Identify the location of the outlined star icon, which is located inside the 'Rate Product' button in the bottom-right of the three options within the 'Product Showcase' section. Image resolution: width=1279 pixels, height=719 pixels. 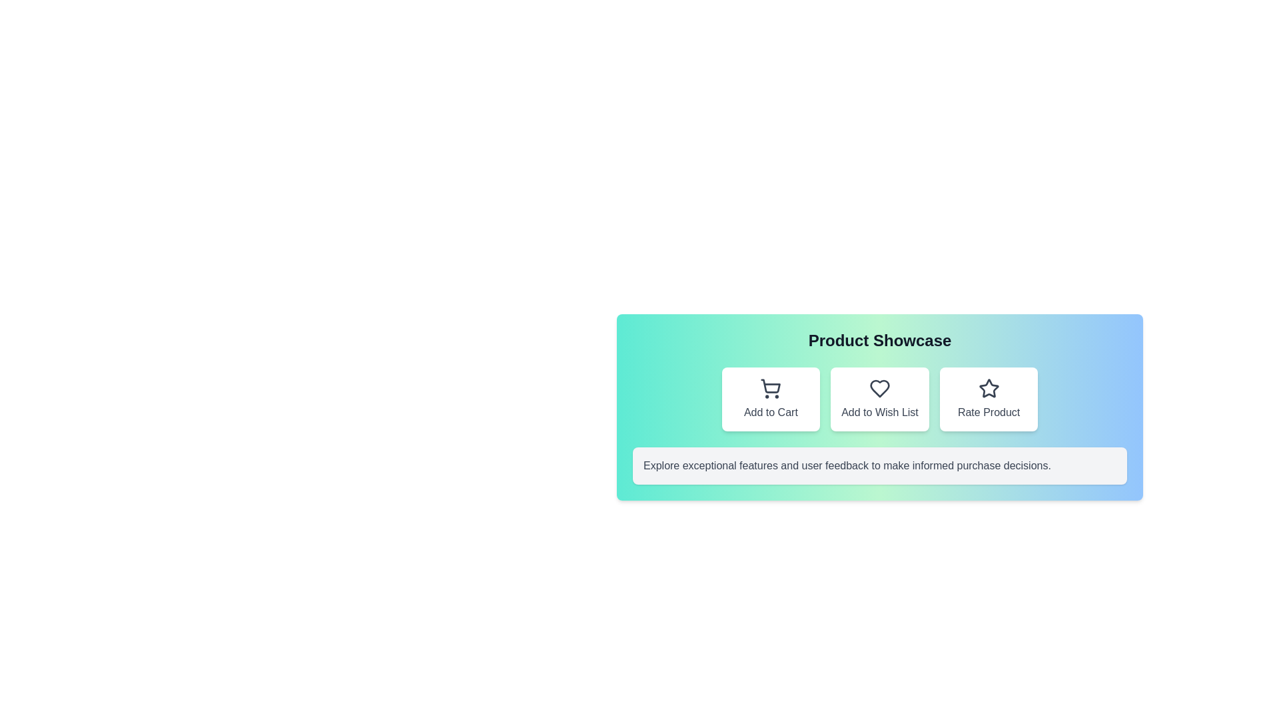
(989, 388).